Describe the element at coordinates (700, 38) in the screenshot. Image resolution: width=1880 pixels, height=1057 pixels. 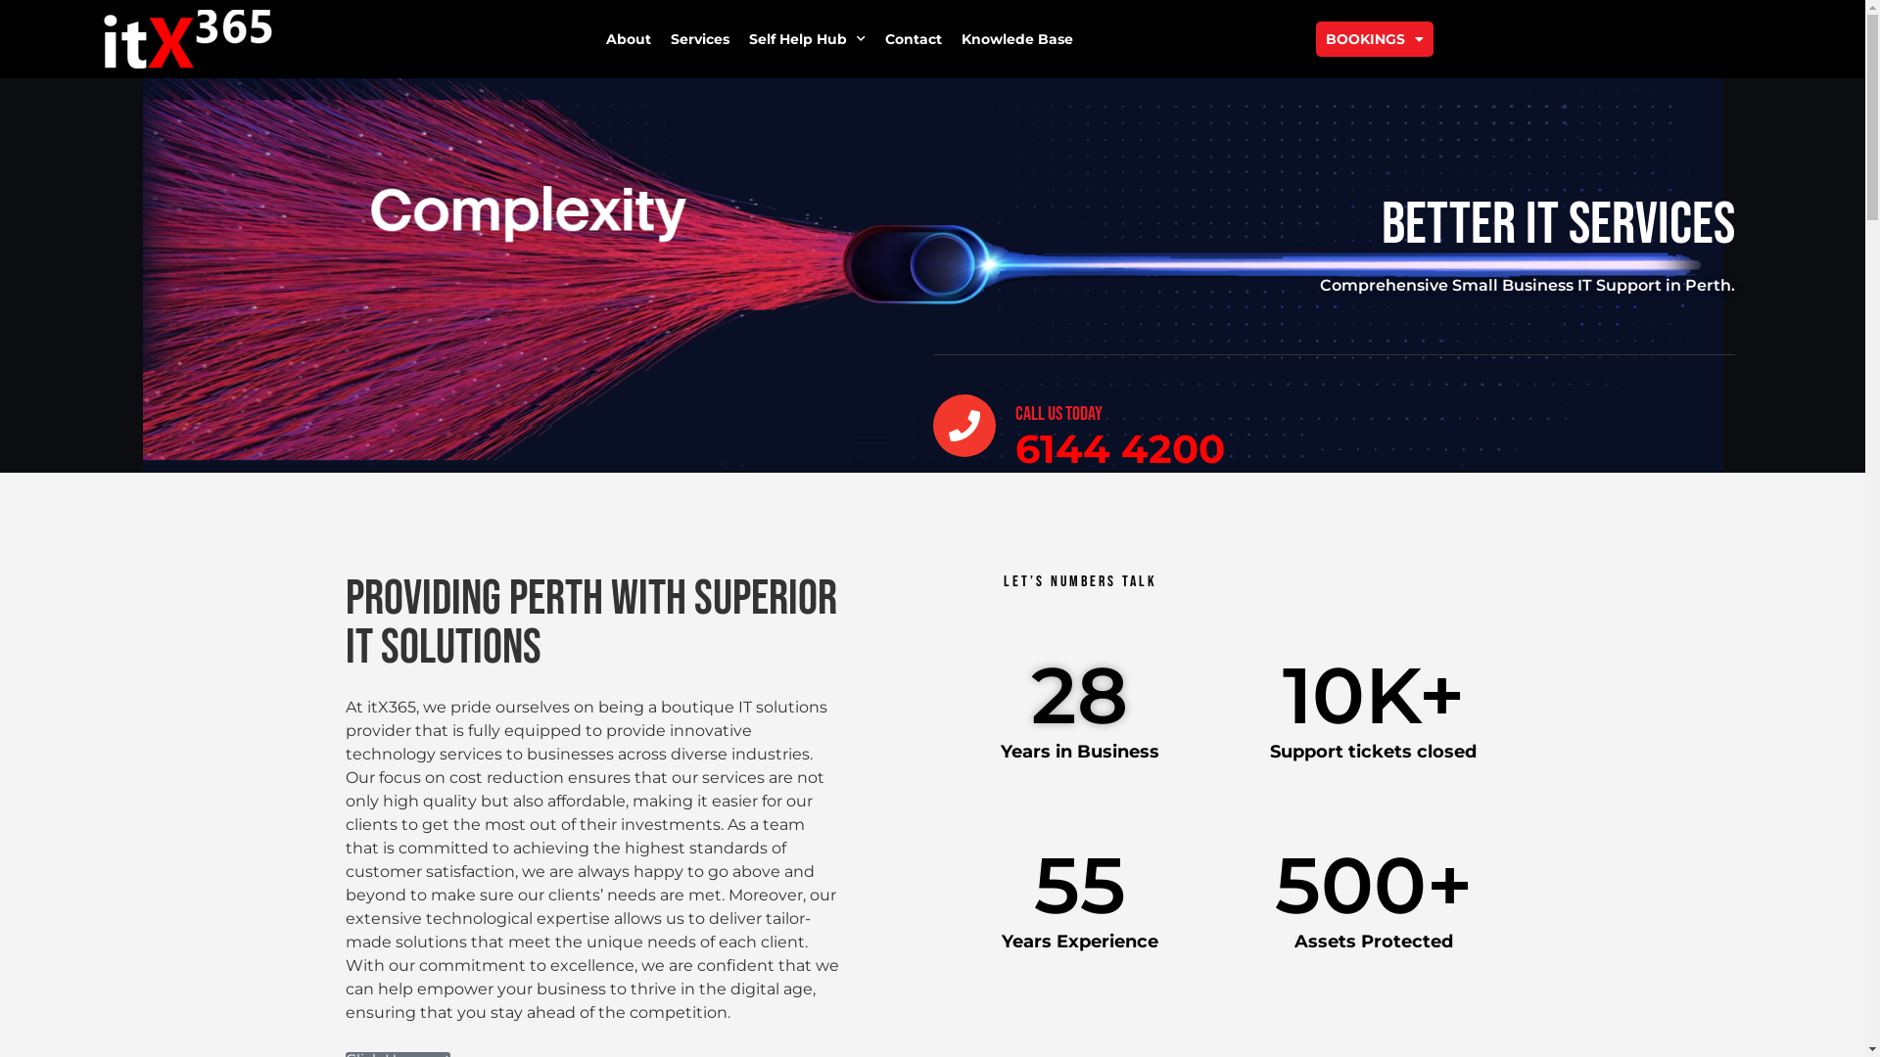
I see `'Services'` at that location.